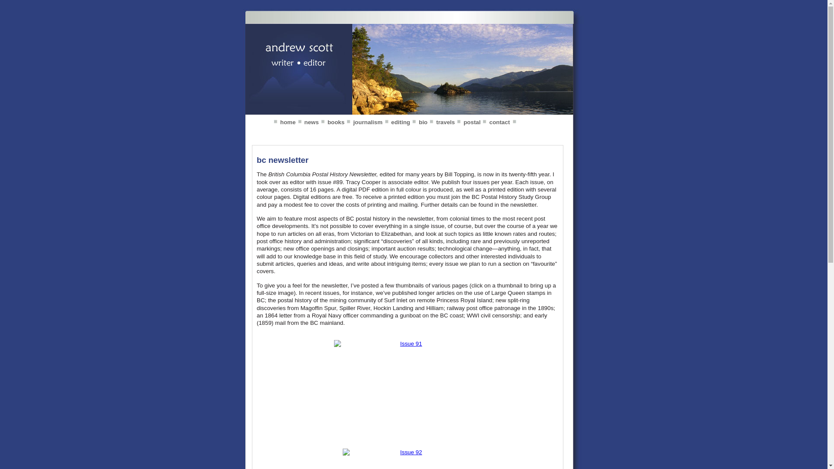  What do you see at coordinates (500, 122) in the screenshot?
I see `'contact'` at bounding box center [500, 122].